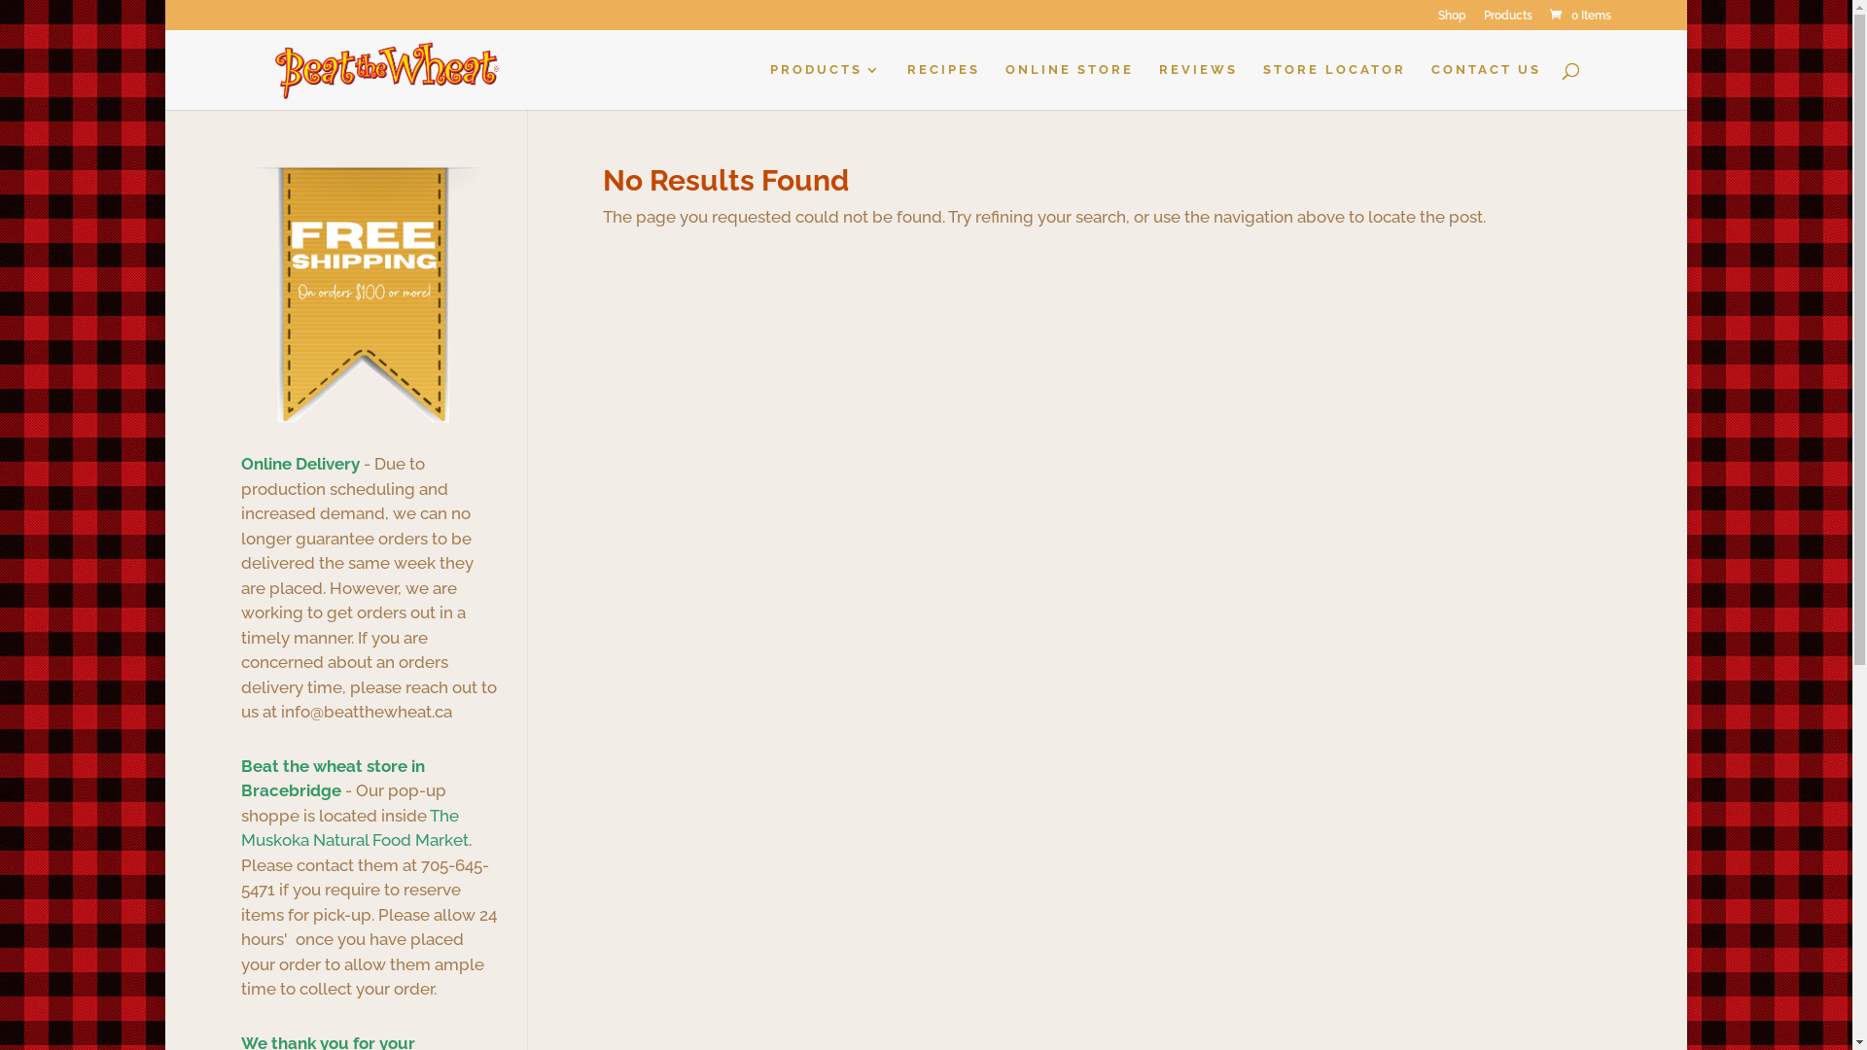  I want to click on 'REVIEWS', so click(1197, 85).